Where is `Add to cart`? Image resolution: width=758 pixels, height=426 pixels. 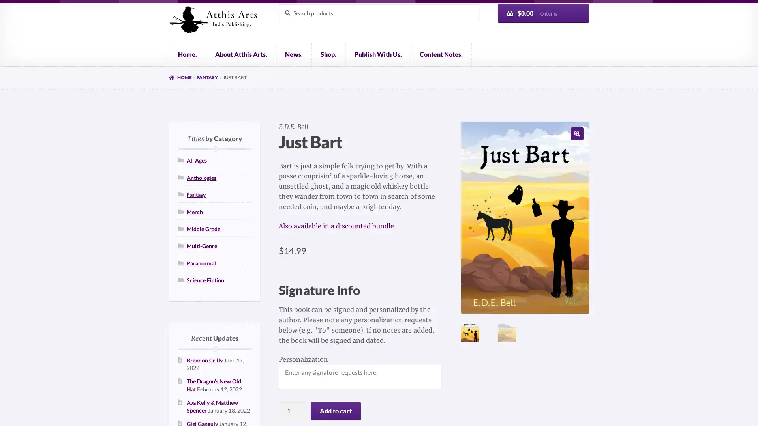 Add to cart is located at coordinates (335, 410).